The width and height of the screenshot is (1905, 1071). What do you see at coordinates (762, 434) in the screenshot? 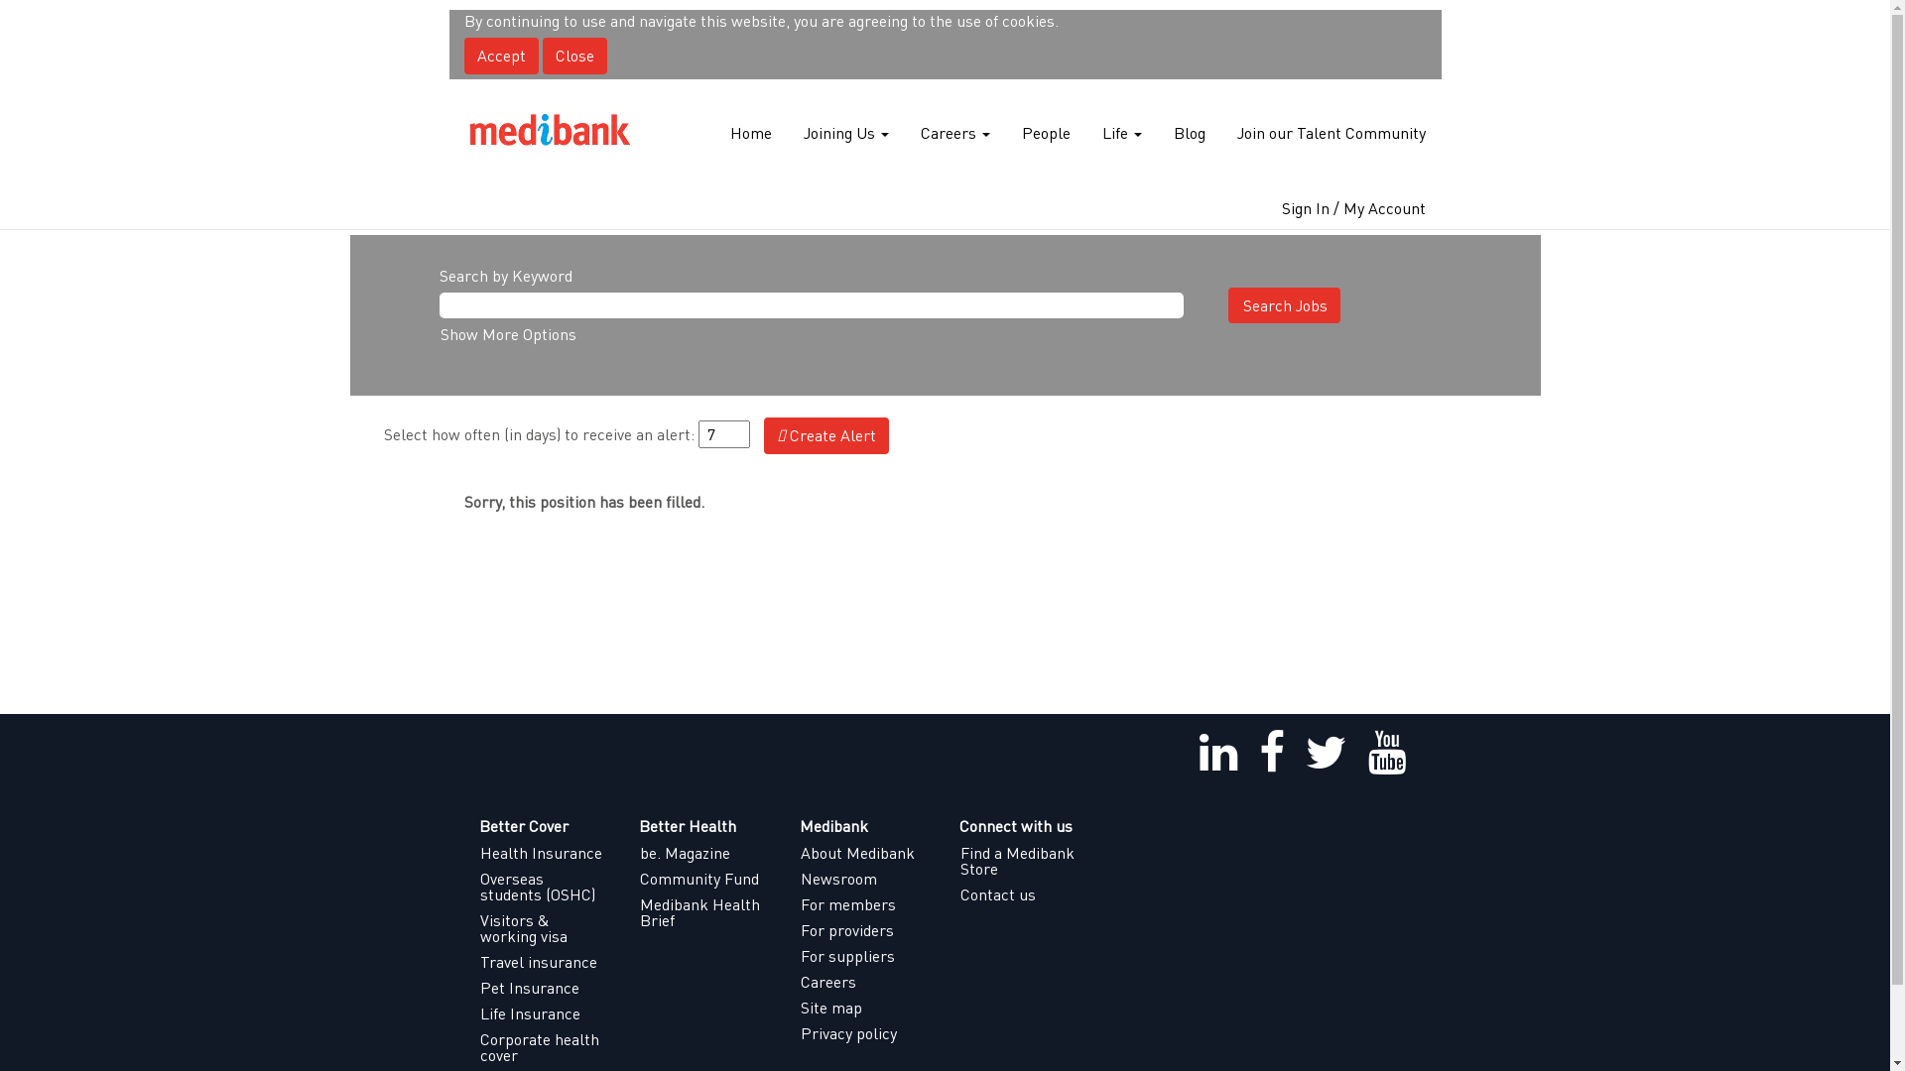
I see `'Create Alert'` at bounding box center [762, 434].